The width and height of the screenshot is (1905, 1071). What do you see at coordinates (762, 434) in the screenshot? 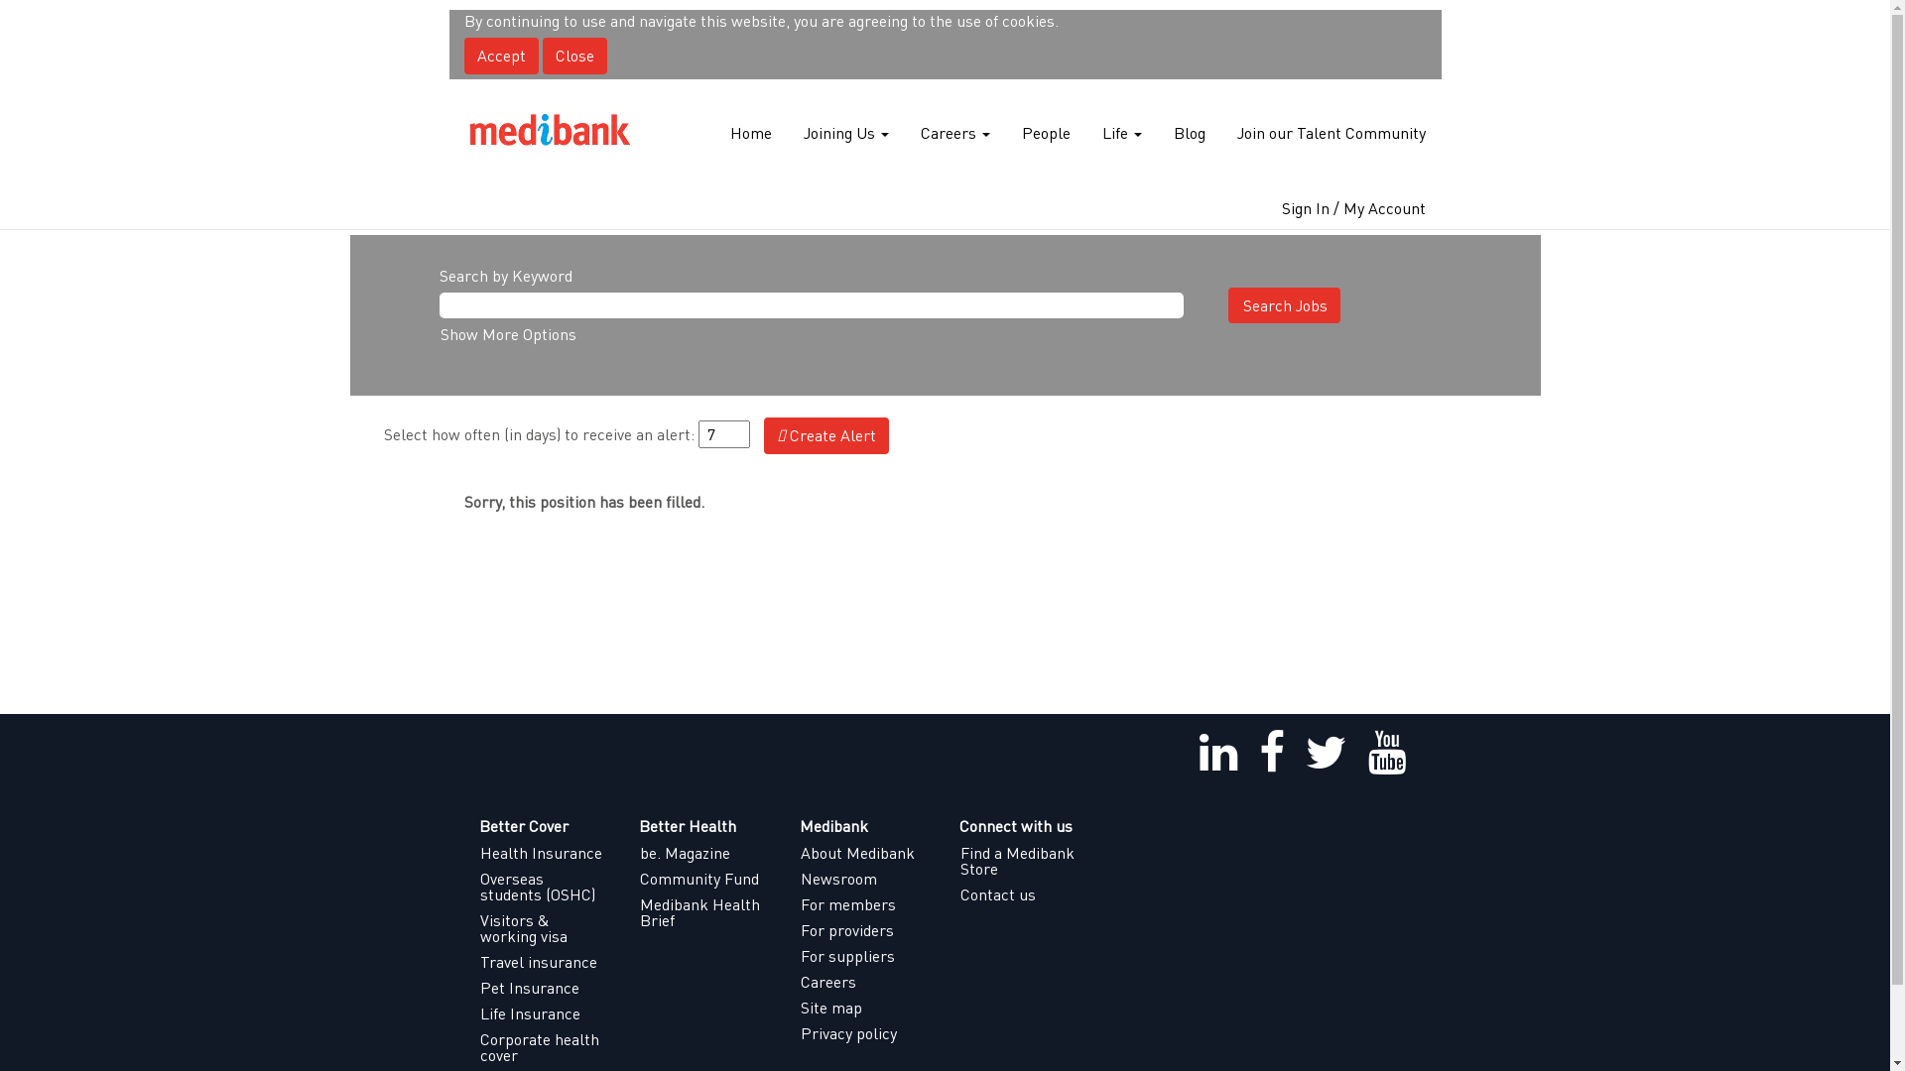
I see `'Create Alert'` at bounding box center [762, 434].